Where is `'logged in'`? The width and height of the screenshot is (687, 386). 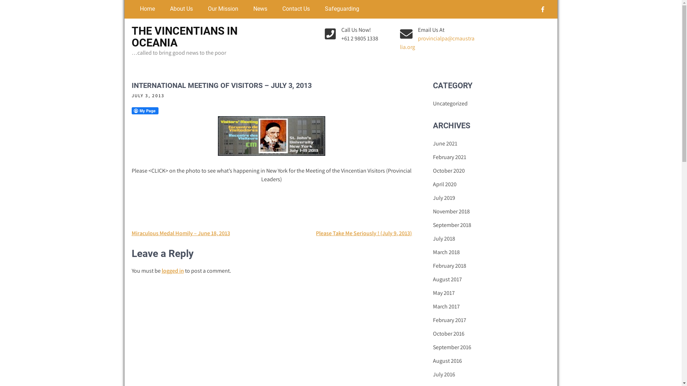 'logged in' is located at coordinates (173, 271).